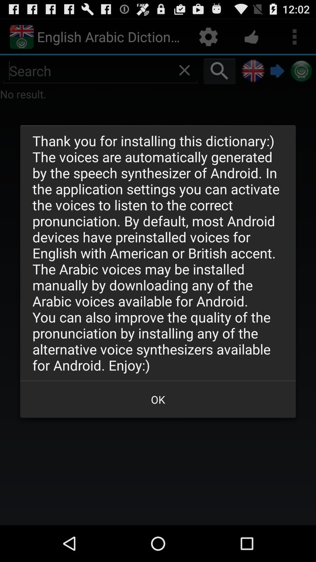 The width and height of the screenshot is (316, 562). I want to click on the icon below thank you for icon, so click(158, 399).